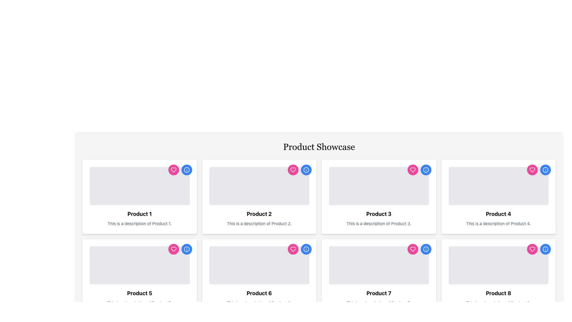 The height and width of the screenshot is (322, 572). What do you see at coordinates (293, 249) in the screenshot?
I see `the left button in the top right corner of the card for 'Product 6' to mark it as a favorite` at bounding box center [293, 249].